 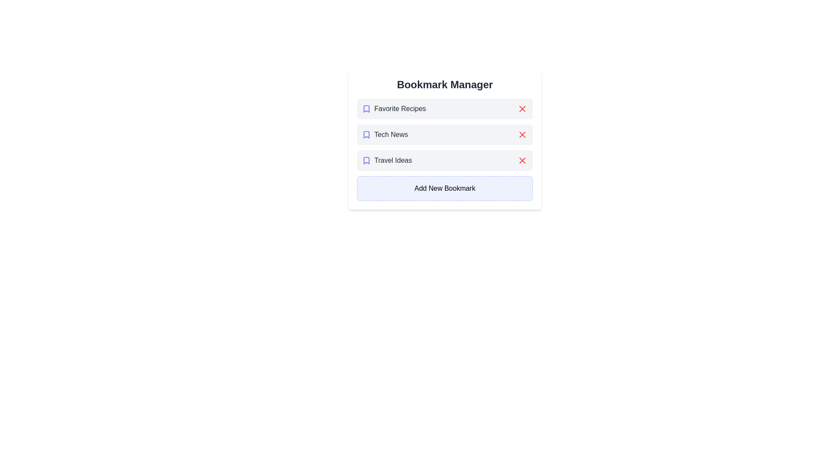 What do you see at coordinates (394, 108) in the screenshot?
I see `the bookmark titled Favorite Recipes to navigate to its URL` at bounding box center [394, 108].